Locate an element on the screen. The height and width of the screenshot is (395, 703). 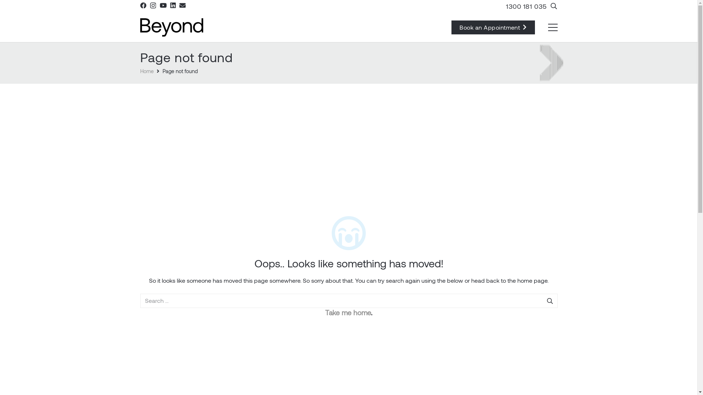
'Book an Appointment' is located at coordinates (493, 27).